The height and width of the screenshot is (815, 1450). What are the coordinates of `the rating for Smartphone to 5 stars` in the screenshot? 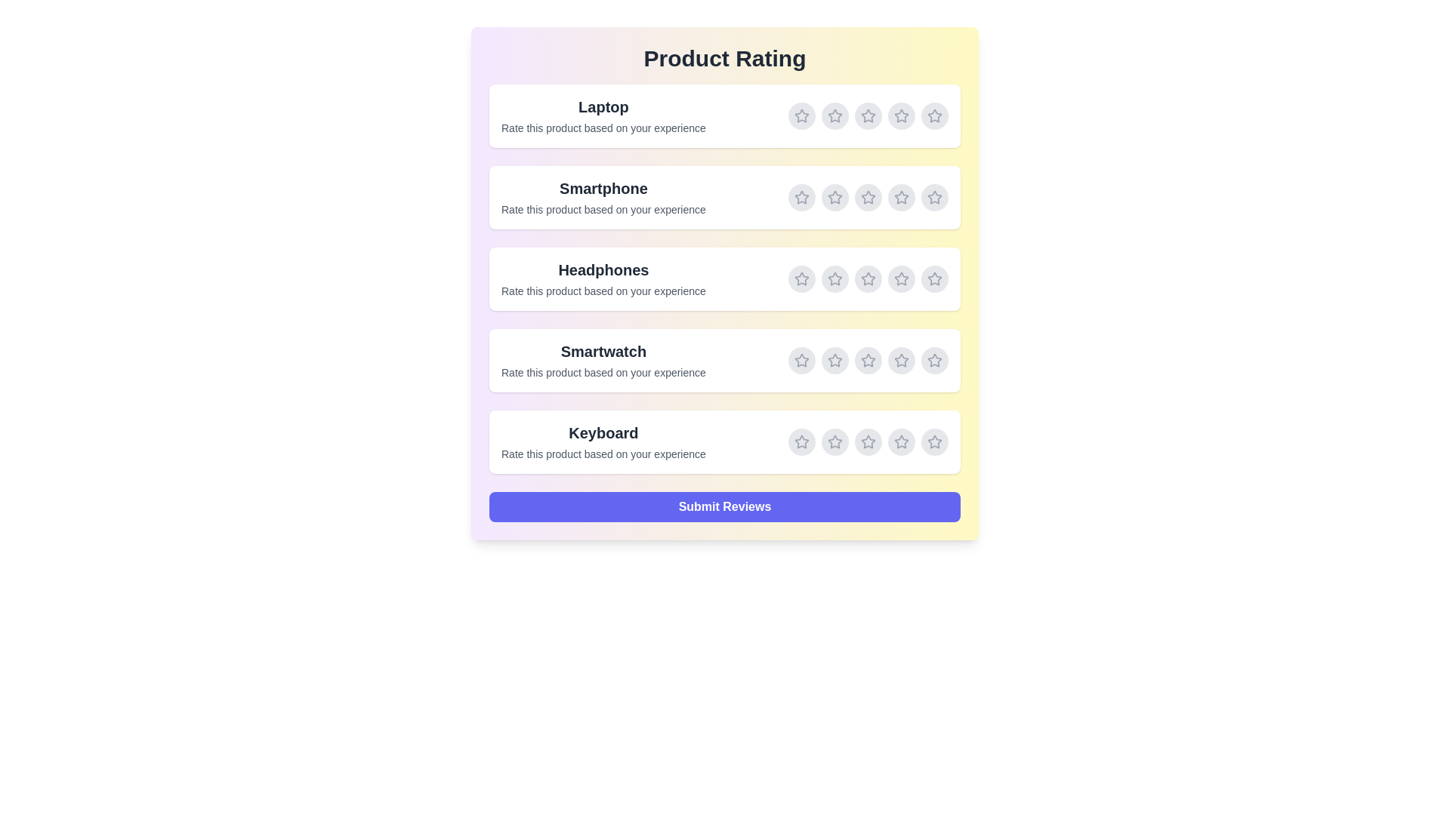 It's located at (934, 197).